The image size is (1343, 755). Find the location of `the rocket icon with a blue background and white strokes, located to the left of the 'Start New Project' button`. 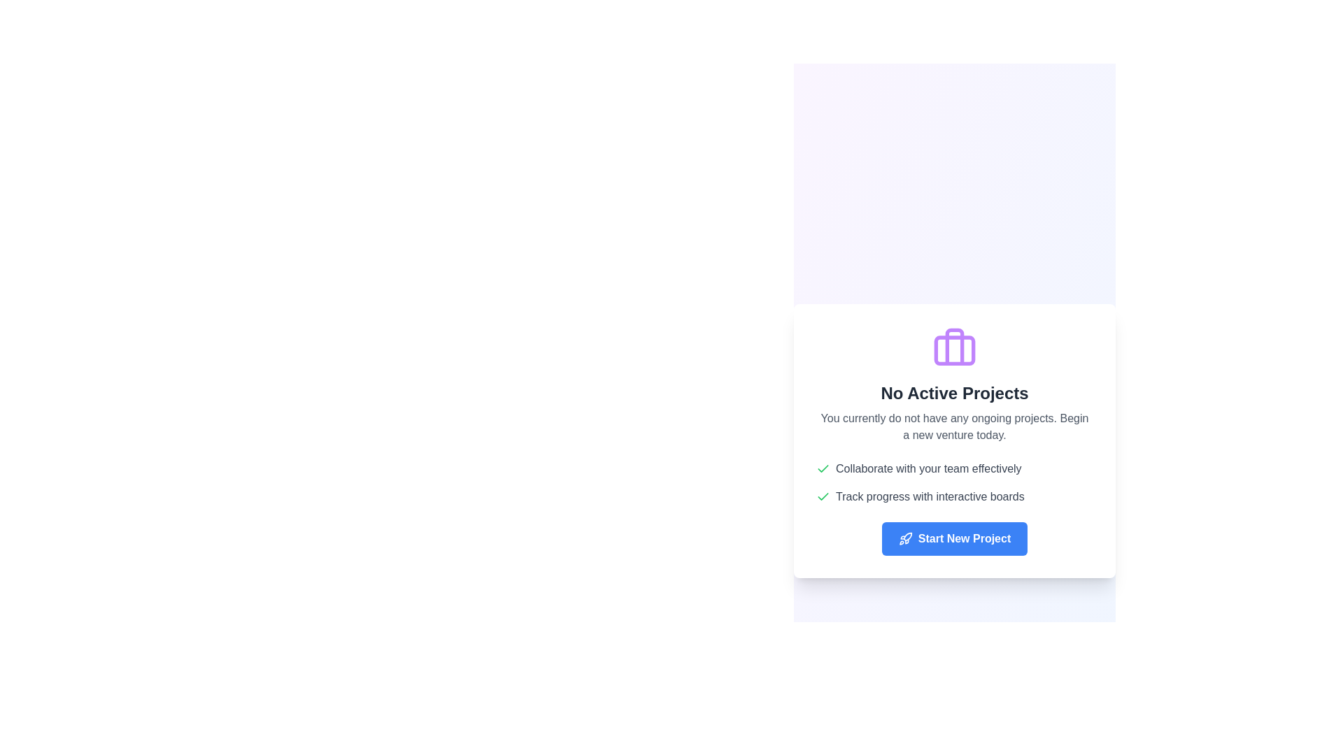

the rocket icon with a blue background and white strokes, located to the left of the 'Start New Project' button is located at coordinates (905, 538).